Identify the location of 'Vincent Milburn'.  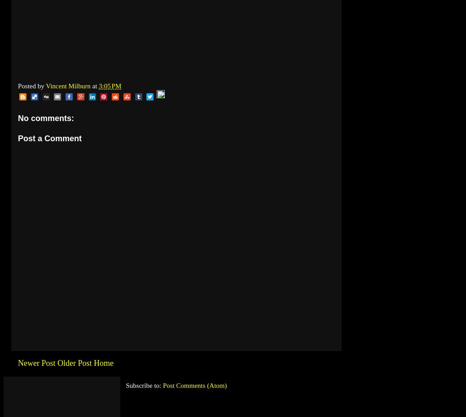
(67, 86).